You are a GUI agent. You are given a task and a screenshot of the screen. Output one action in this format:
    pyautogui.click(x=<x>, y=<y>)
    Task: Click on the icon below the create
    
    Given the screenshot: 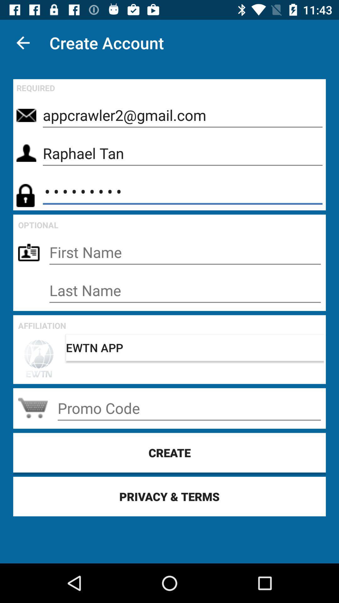 What is the action you would take?
    pyautogui.click(x=169, y=496)
    